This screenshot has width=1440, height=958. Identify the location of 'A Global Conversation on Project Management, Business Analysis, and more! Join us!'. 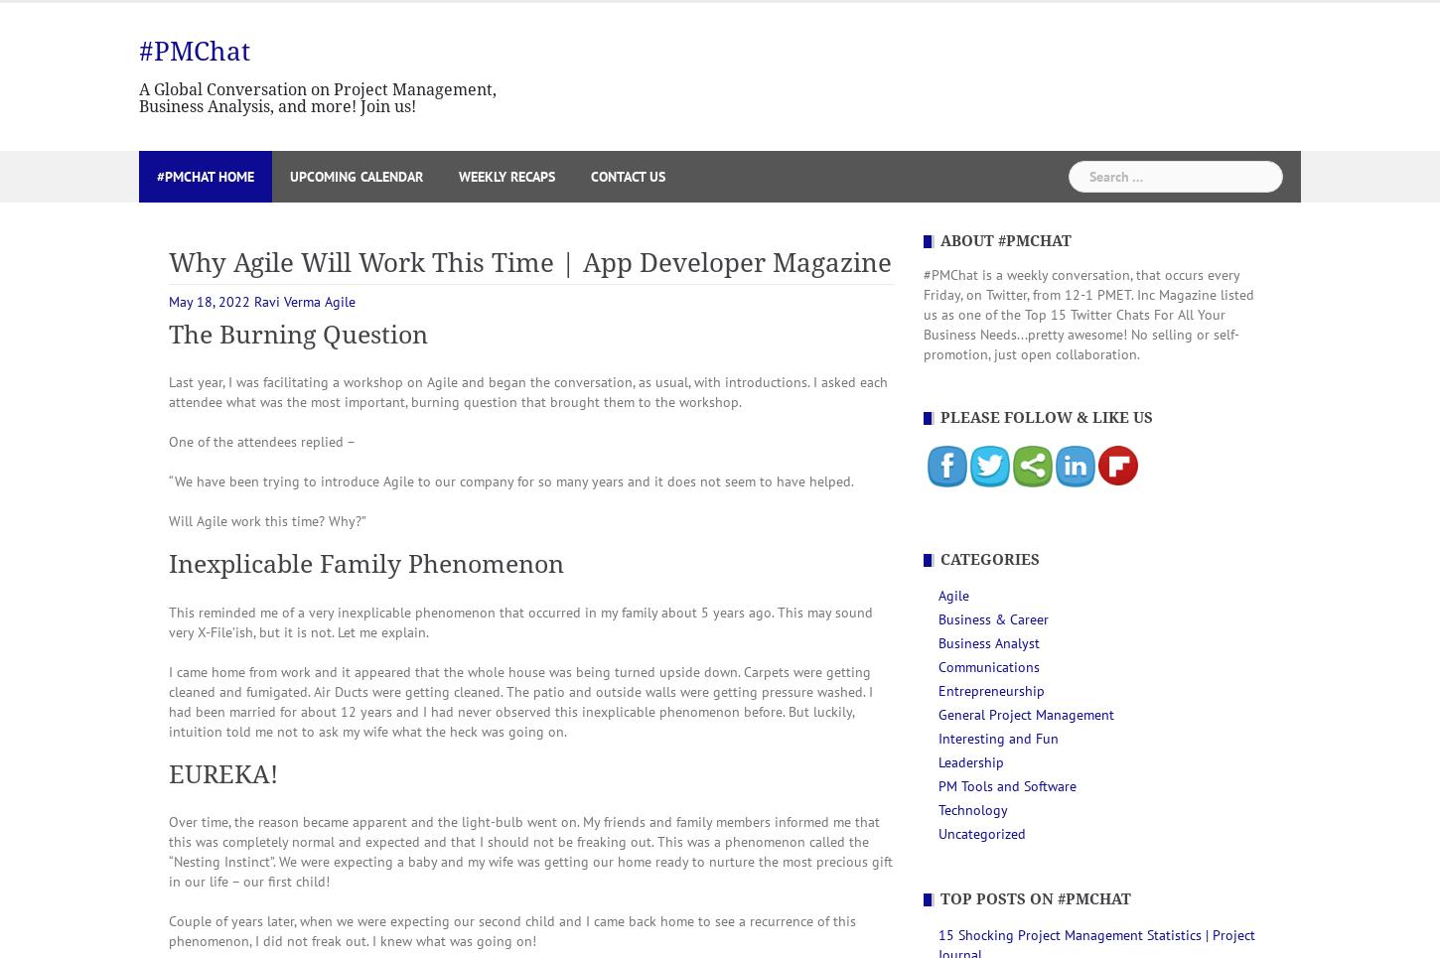
(318, 96).